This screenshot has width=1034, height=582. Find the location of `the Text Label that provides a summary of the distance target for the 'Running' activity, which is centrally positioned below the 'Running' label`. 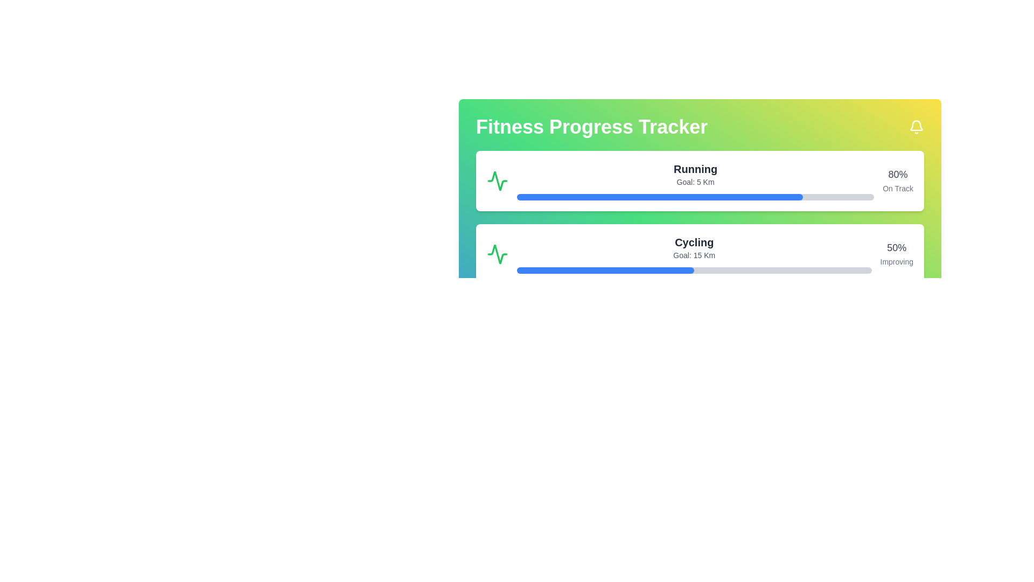

the Text Label that provides a summary of the distance target for the 'Running' activity, which is centrally positioned below the 'Running' label is located at coordinates (695, 182).